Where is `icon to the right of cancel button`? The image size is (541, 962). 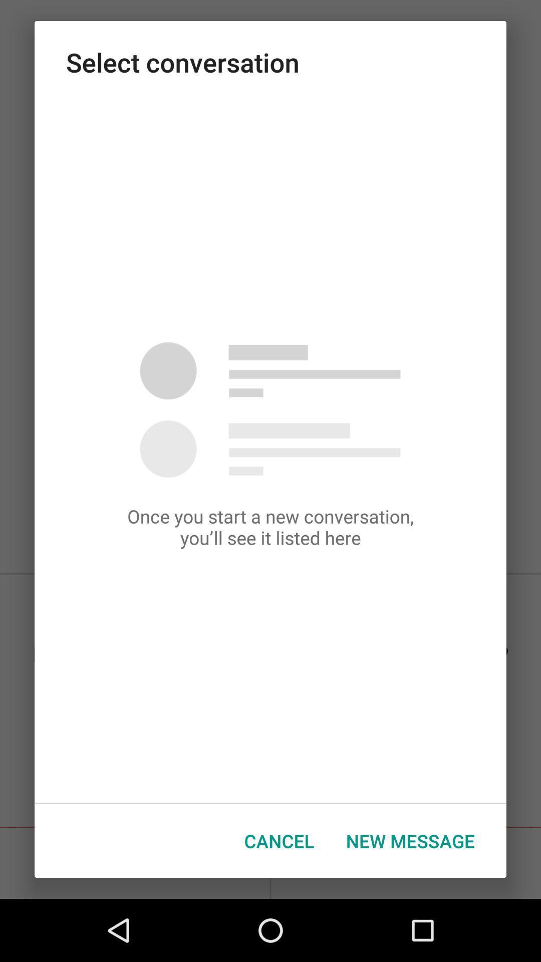
icon to the right of cancel button is located at coordinates (410, 841).